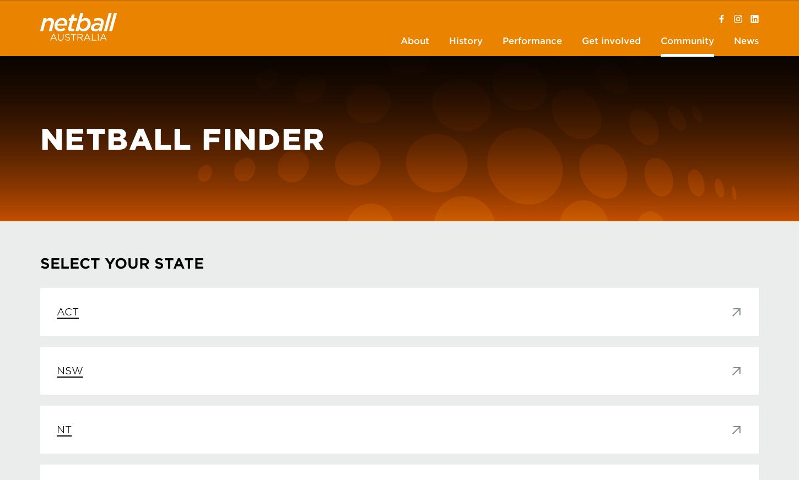  I want to click on 'Play Netball', so click(65, 98).